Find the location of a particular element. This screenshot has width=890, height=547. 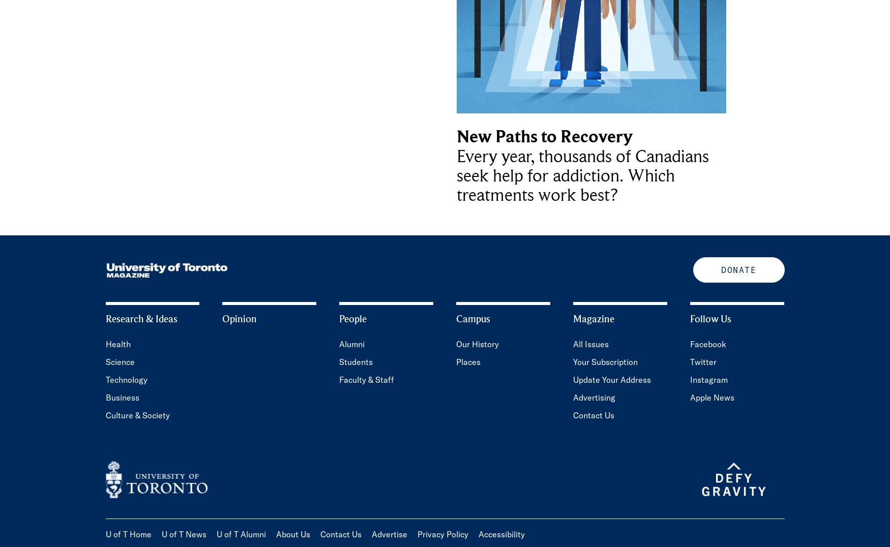

'U of T Alumni' is located at coordinates (216, 534).